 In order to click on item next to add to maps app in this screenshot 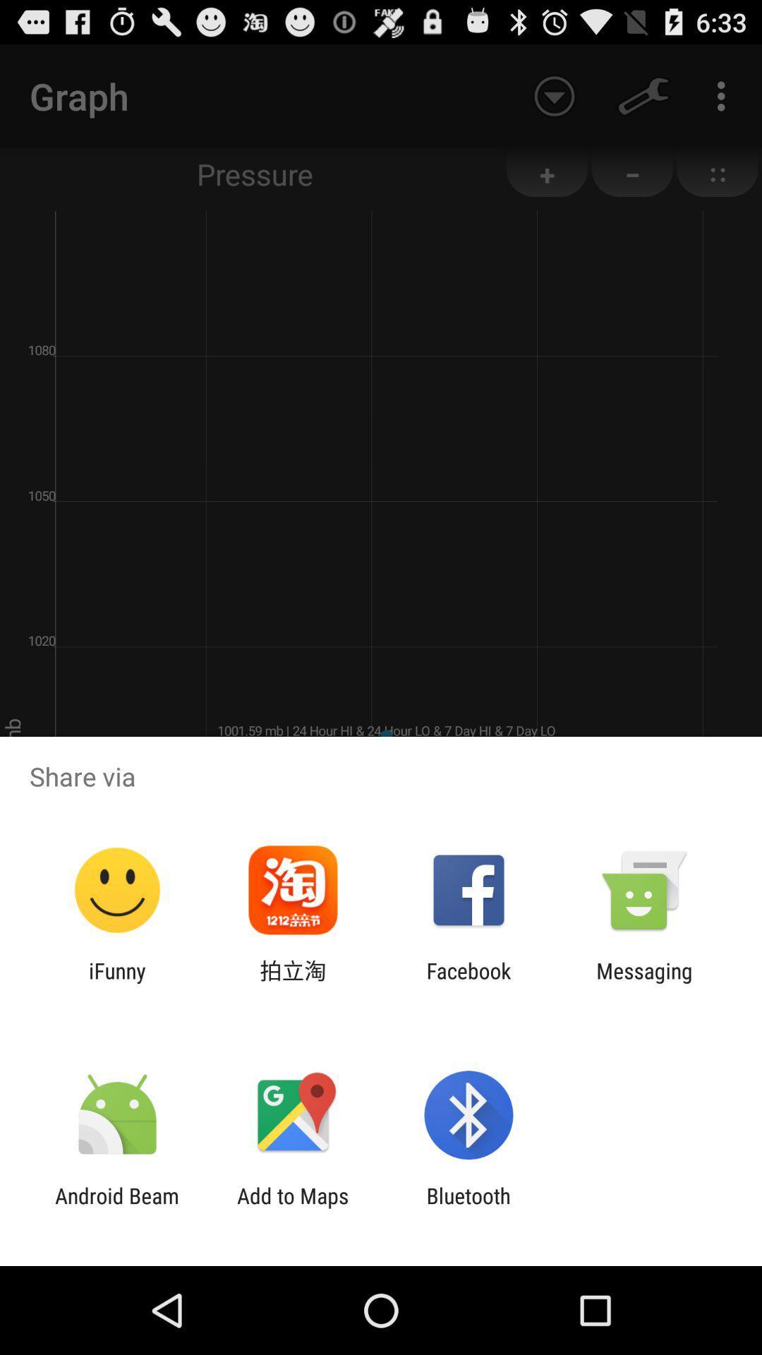, I will do `click(116, 1208)`.